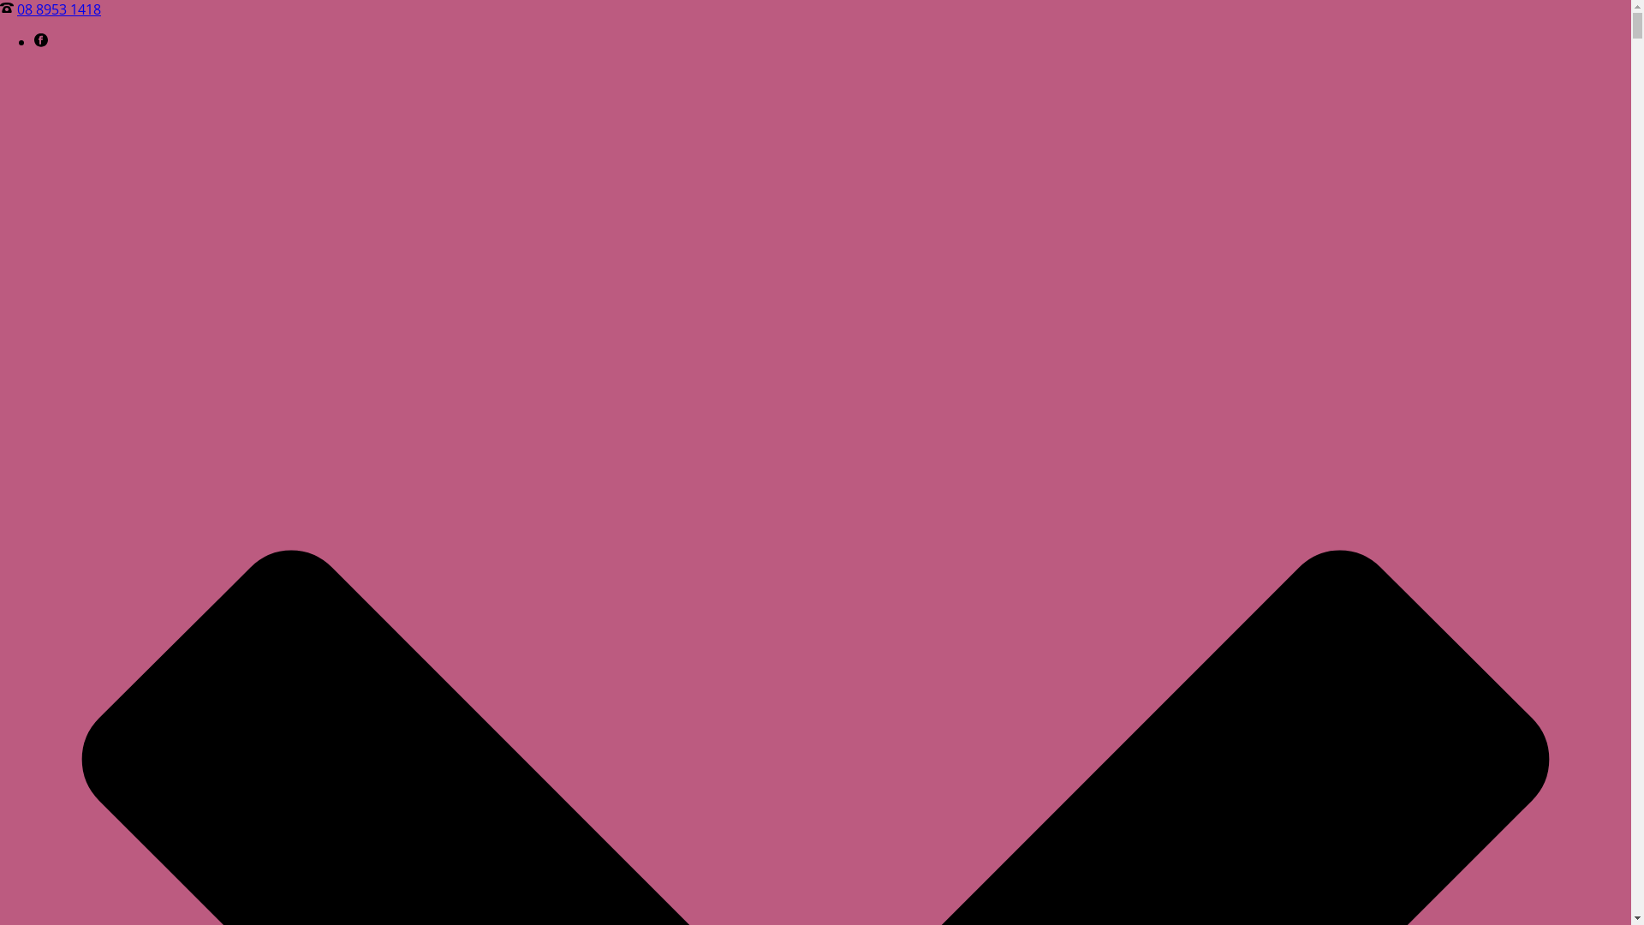 Image resolution: width=1644 pixels, height=925 pixels. I want to click on '08 8953 1418', so click(58, 9).